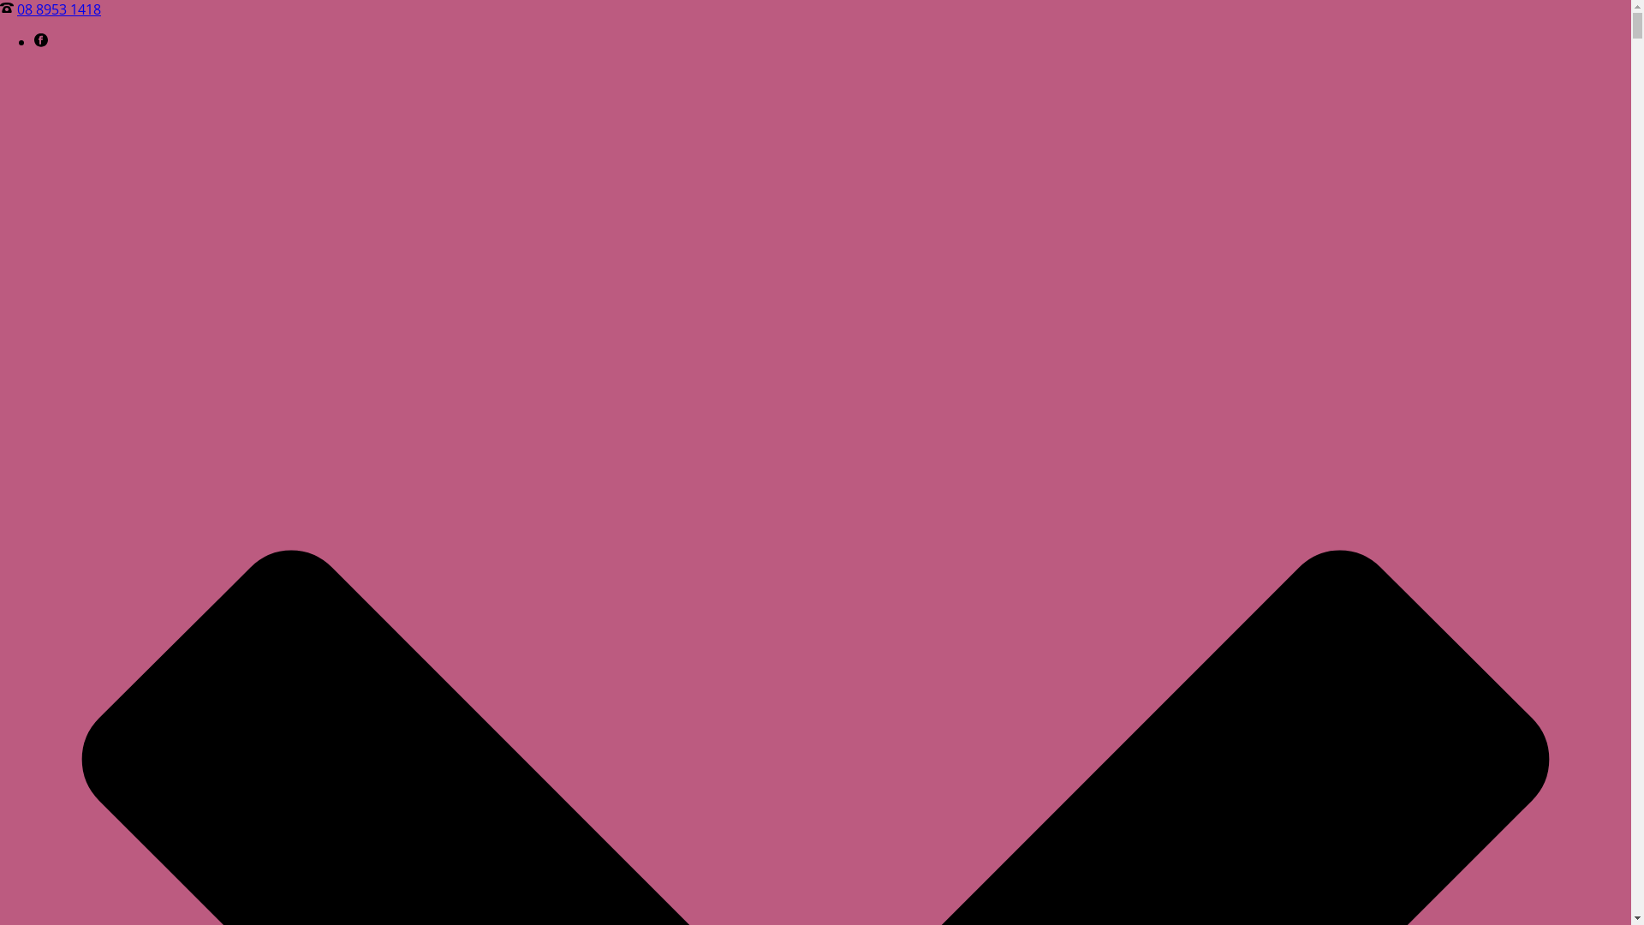 Image resolution: width=1644 pixels, height=925 pixels. I want to click on '08 8953 1418', so click(58, 9).